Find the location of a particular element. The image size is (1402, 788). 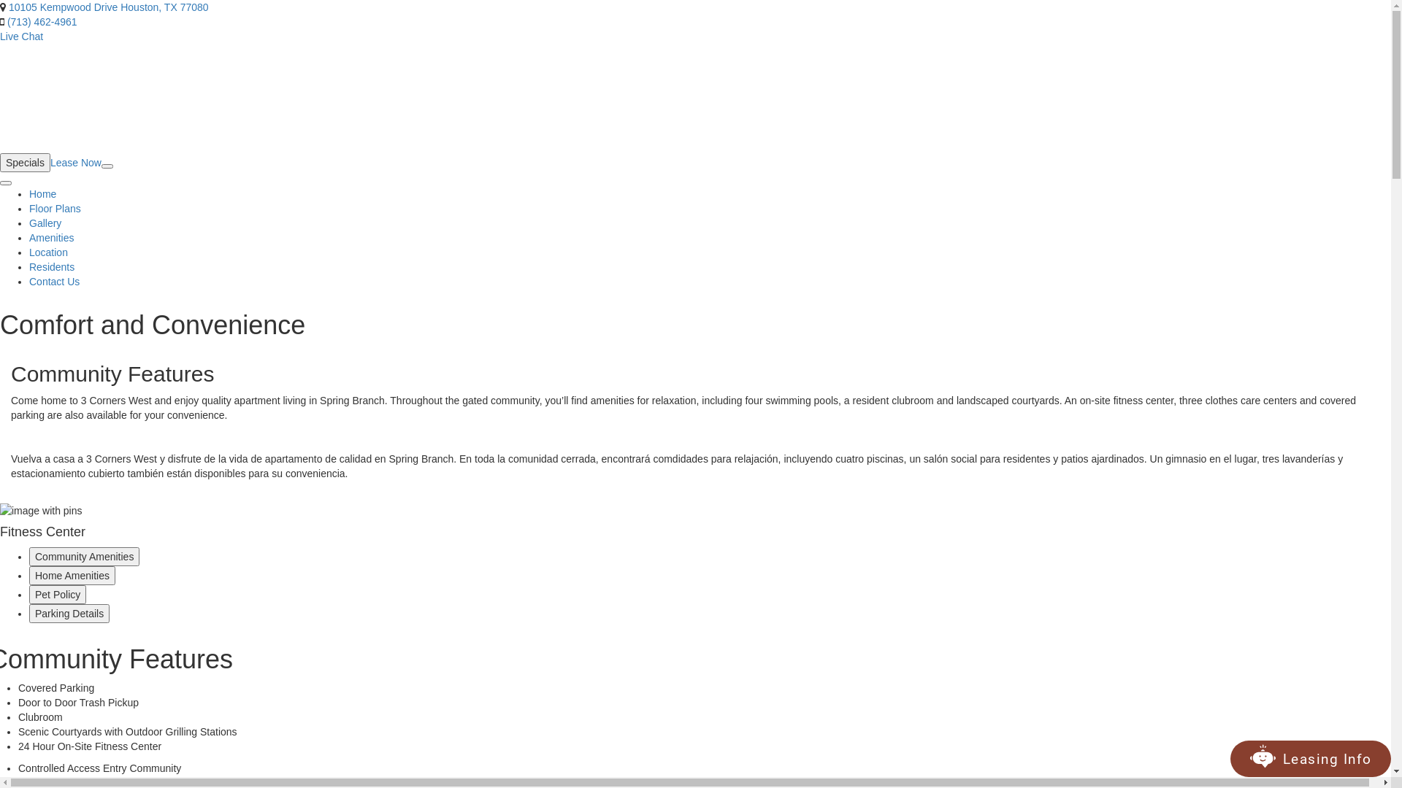

'Home Amenities' is located at coordinates (72, 575).